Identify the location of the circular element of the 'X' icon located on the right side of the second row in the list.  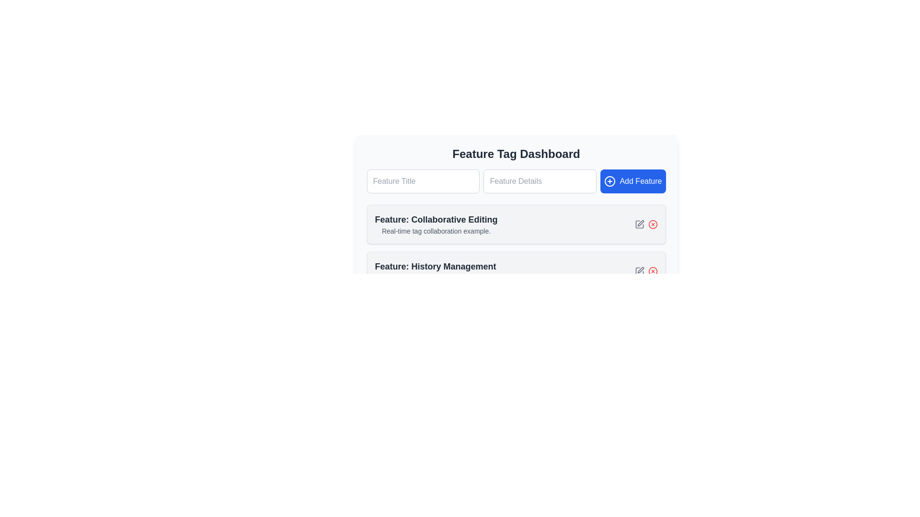
(652, 271).